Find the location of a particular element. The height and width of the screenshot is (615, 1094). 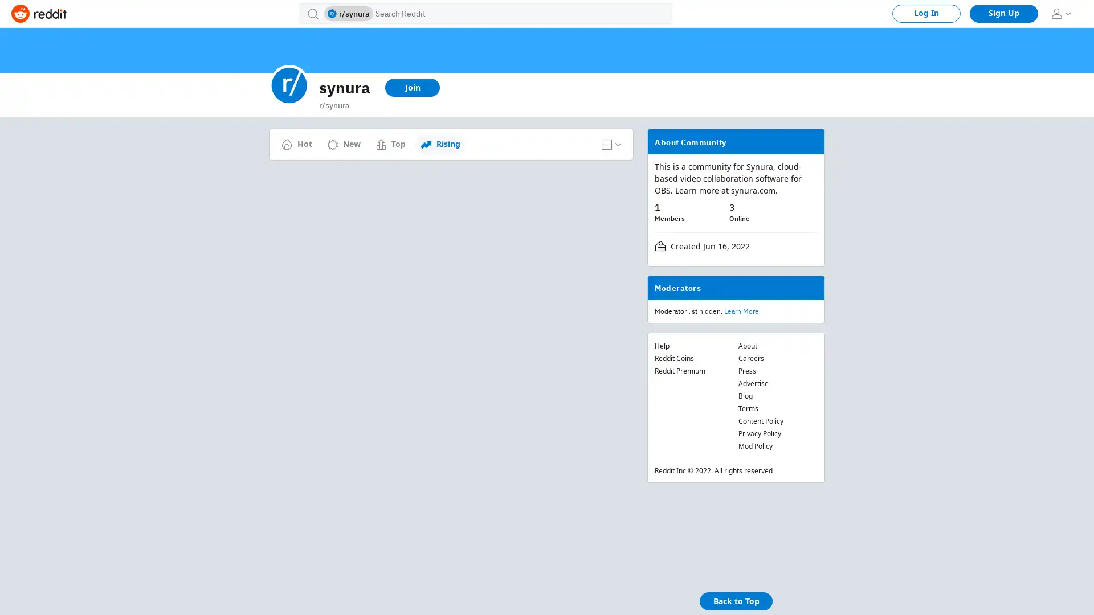

Rising is located at coordinates (439, 144).